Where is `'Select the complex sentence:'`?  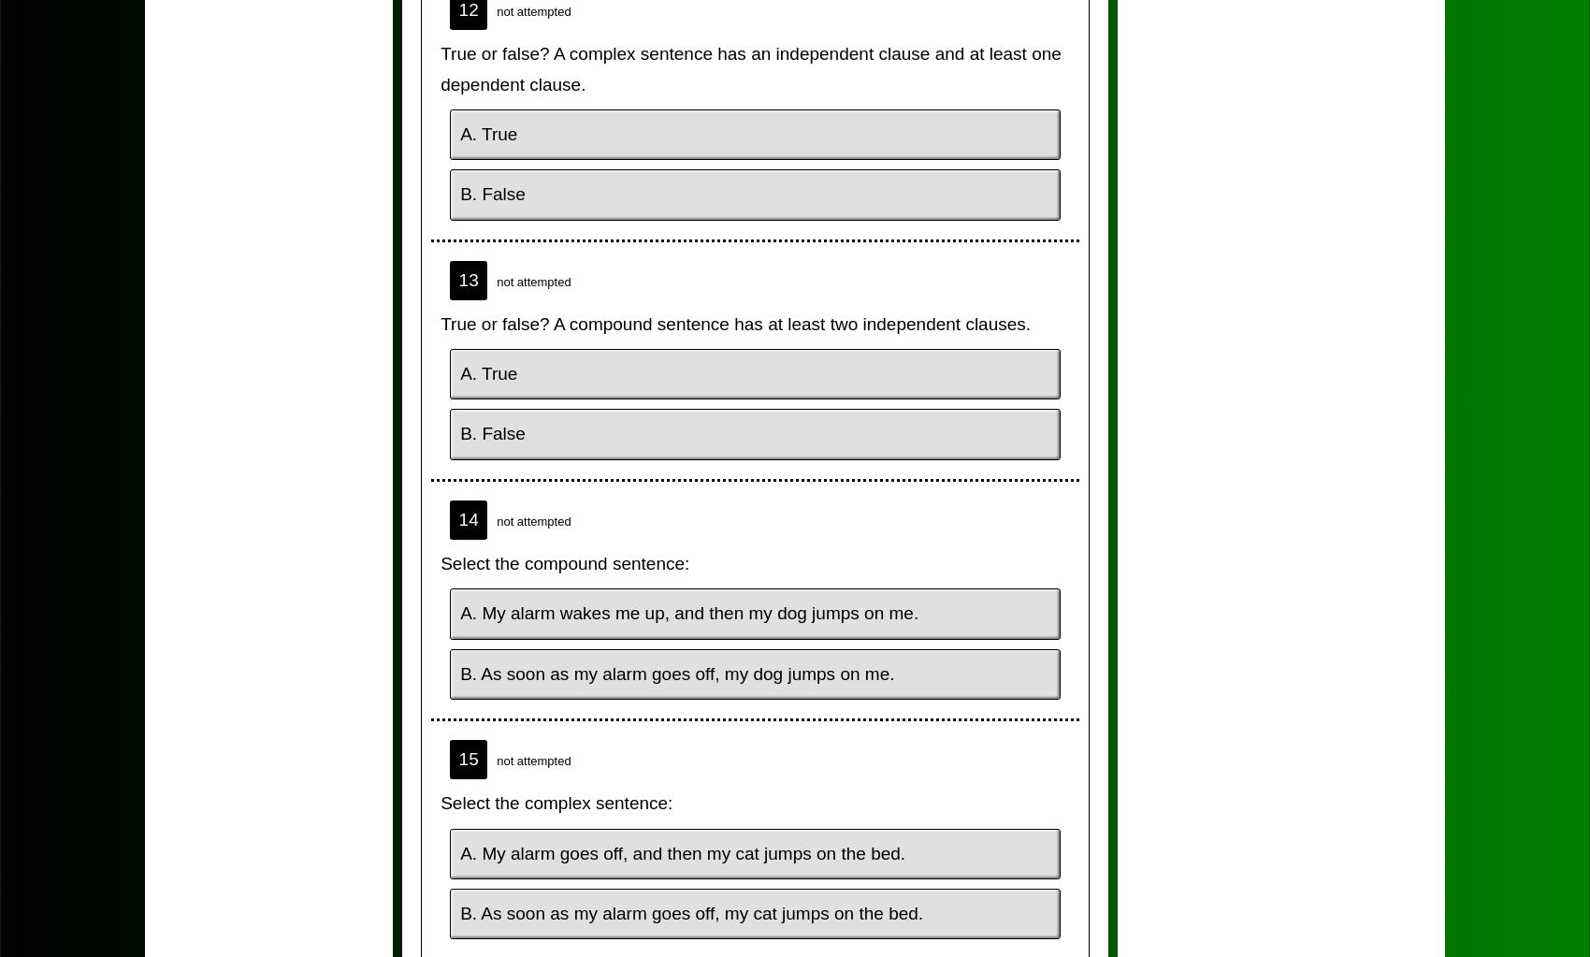 'Select the complex sentence:' is located at coordinates (556, 802).